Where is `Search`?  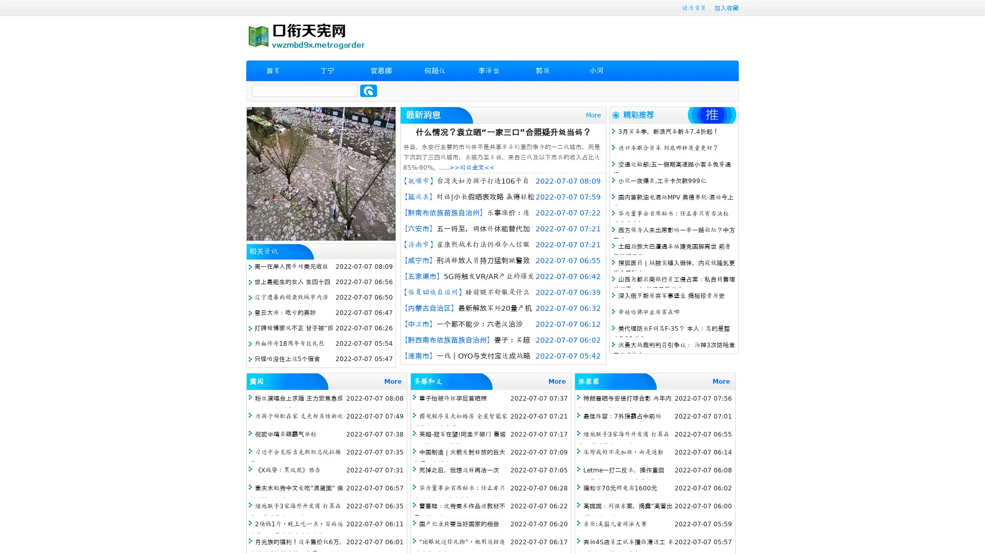
Search is located at coordinates (368, 90).